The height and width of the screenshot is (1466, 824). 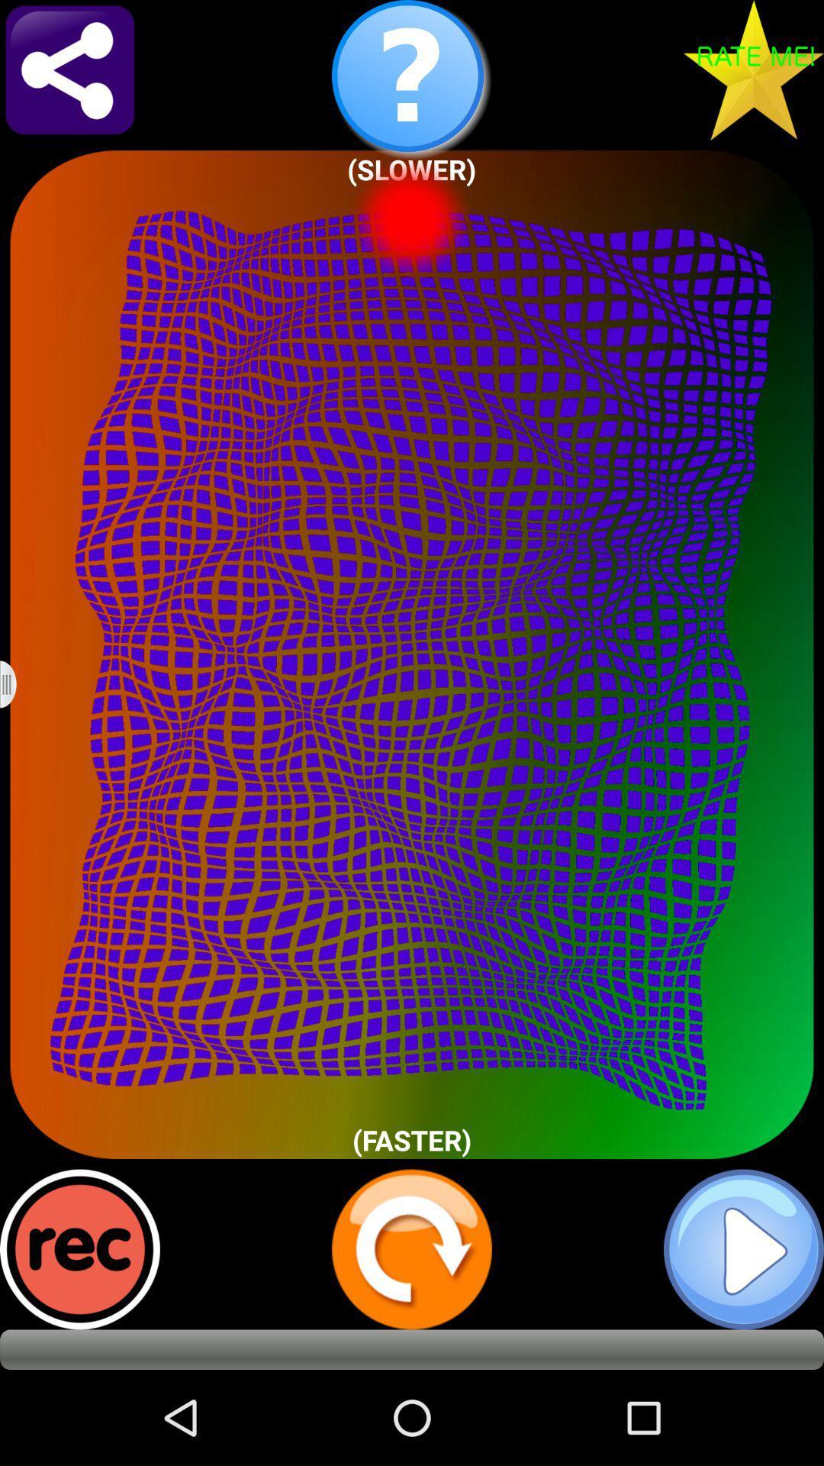 I want to click on record sound, so click(x=79, y=1249).